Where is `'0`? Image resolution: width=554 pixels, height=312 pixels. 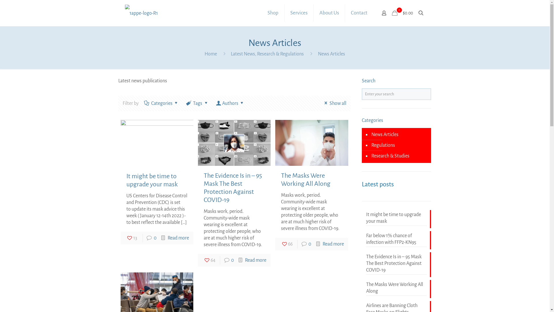
'0 is located at coordinates (402, 13).